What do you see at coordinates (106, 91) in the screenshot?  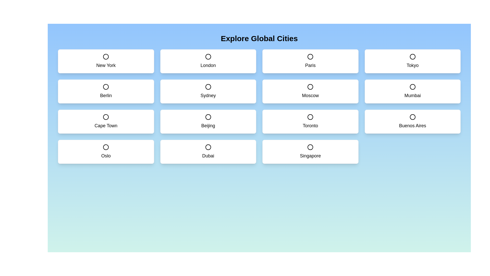 I see `the city card labeled Berlin to toggle its selection state` at bounding box center [106, 91].